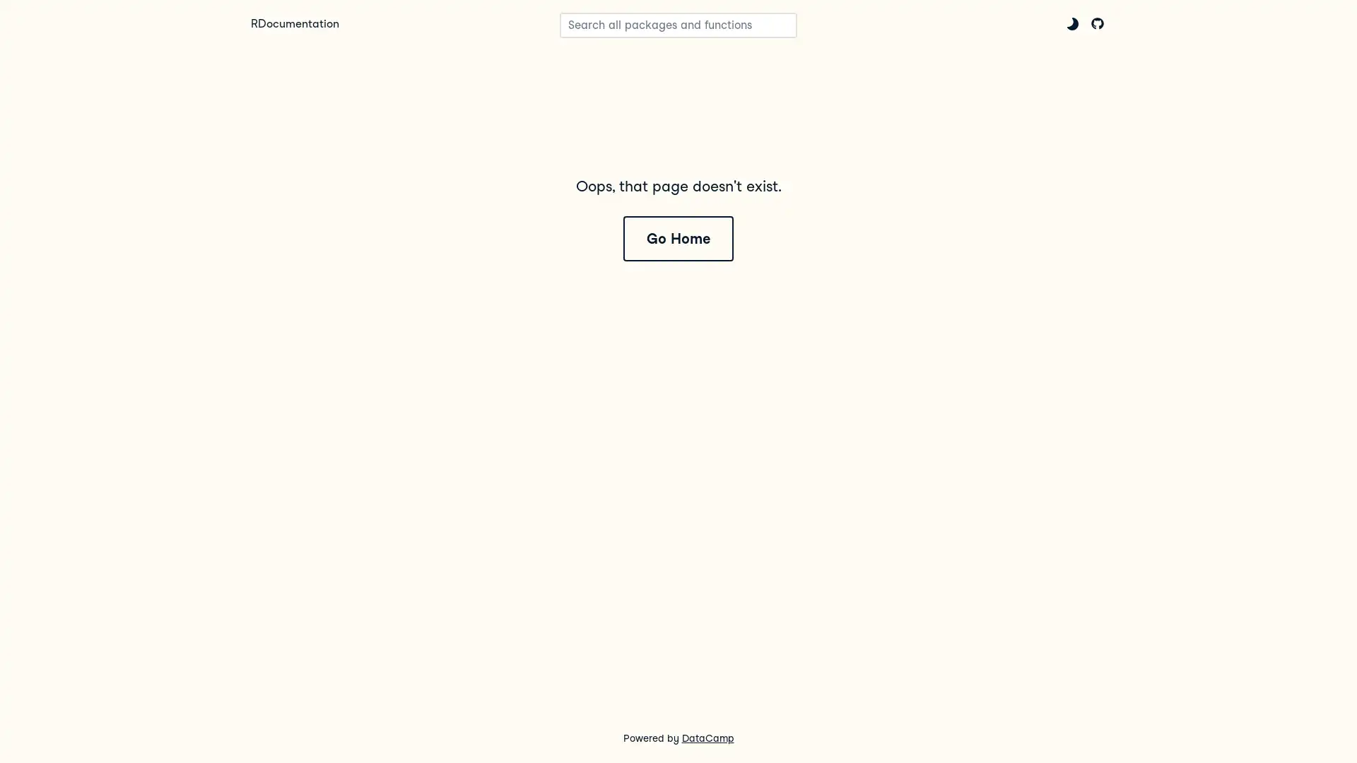 The image size is (1357, 763). Describe the element at coordinates (1072, 23) in the screenshot. I see `toggle dark mode` at that location.